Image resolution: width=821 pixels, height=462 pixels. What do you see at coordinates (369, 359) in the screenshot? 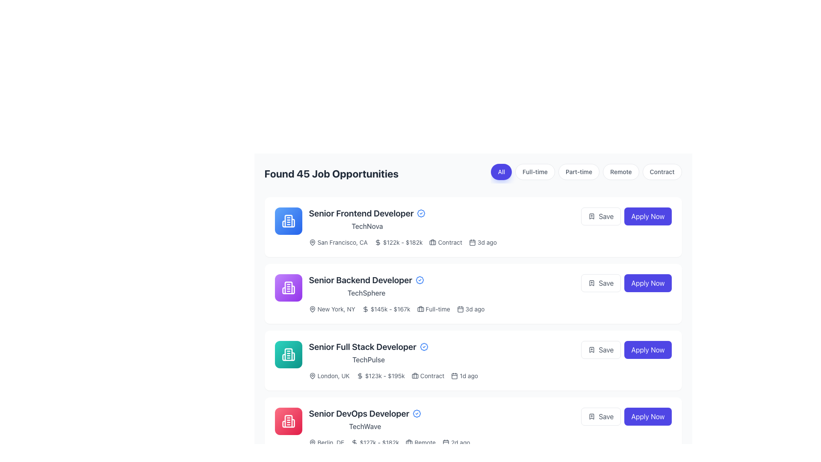
I see `company name text label located within the job listing card for 'Senior Full Stack Developer', positioned directly below the job title text` at bounding box center [369, 359].